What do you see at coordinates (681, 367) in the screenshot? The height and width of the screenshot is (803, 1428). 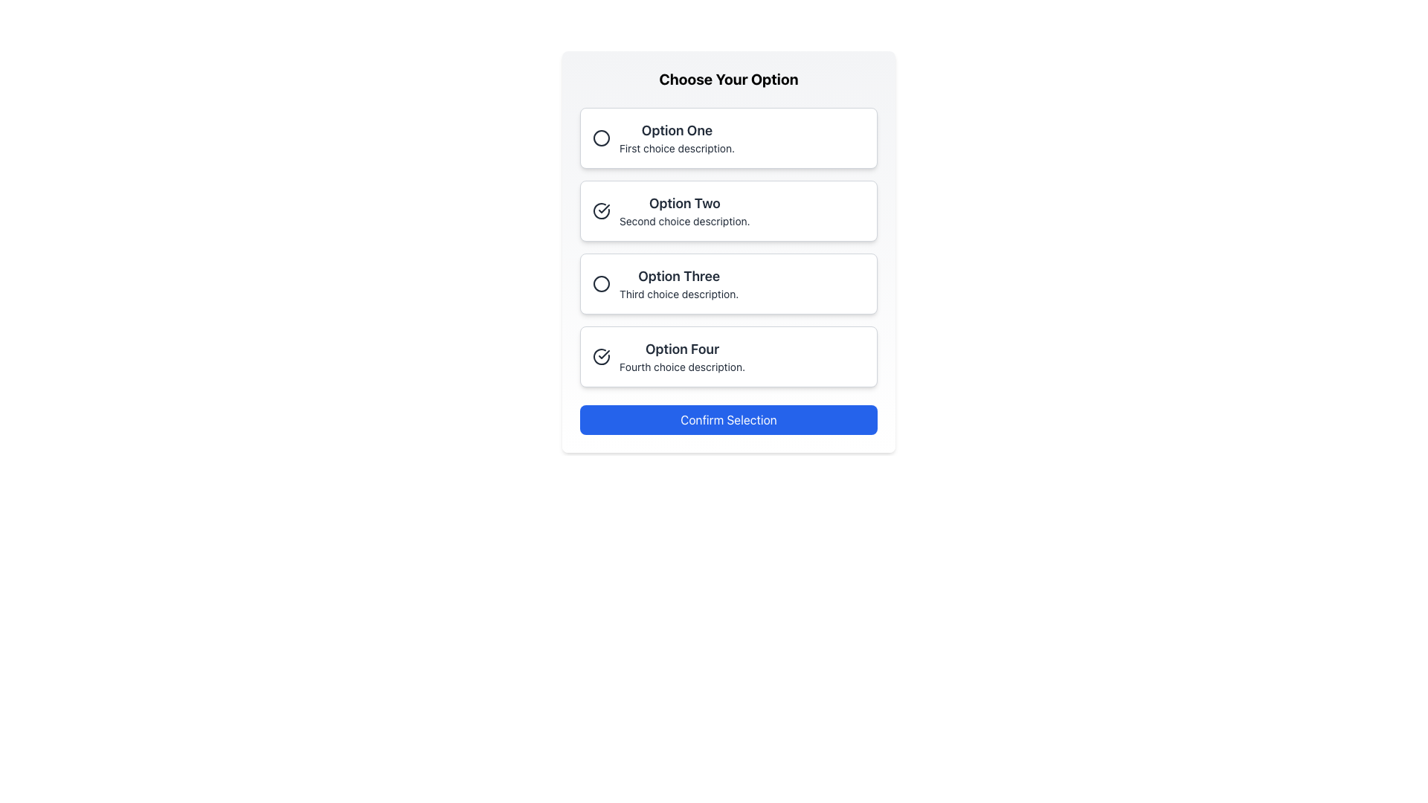 I see `the text element displaying 'Fourth choice description.' located below the heading 'Option Four' in the fourth selection box` at bounding box center [681, 367].